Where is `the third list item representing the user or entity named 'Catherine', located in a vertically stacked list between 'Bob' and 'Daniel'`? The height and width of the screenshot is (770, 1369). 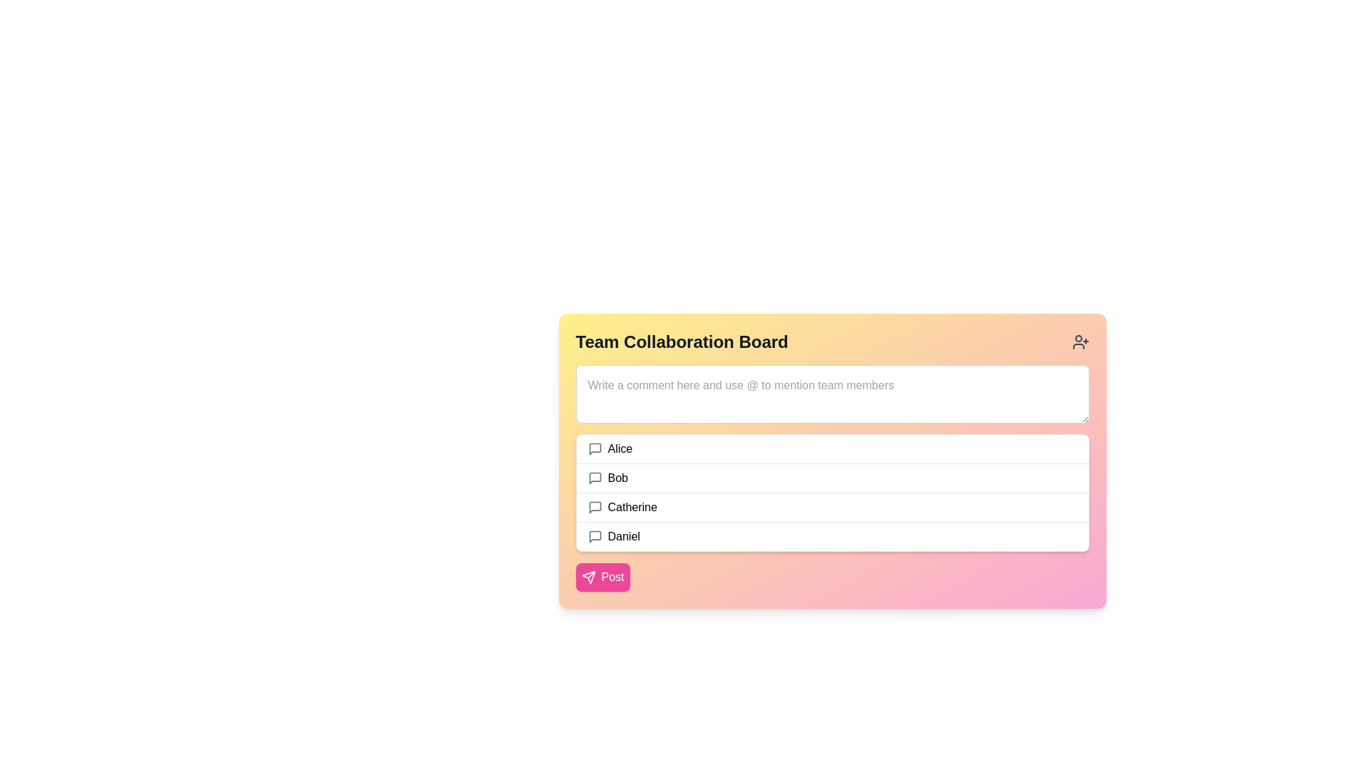 the third list item representing the user or entity named 'Catherine', located in a vertically stacked list between 'Bob' and 'Daniel' is located at coordinates (832, 506).